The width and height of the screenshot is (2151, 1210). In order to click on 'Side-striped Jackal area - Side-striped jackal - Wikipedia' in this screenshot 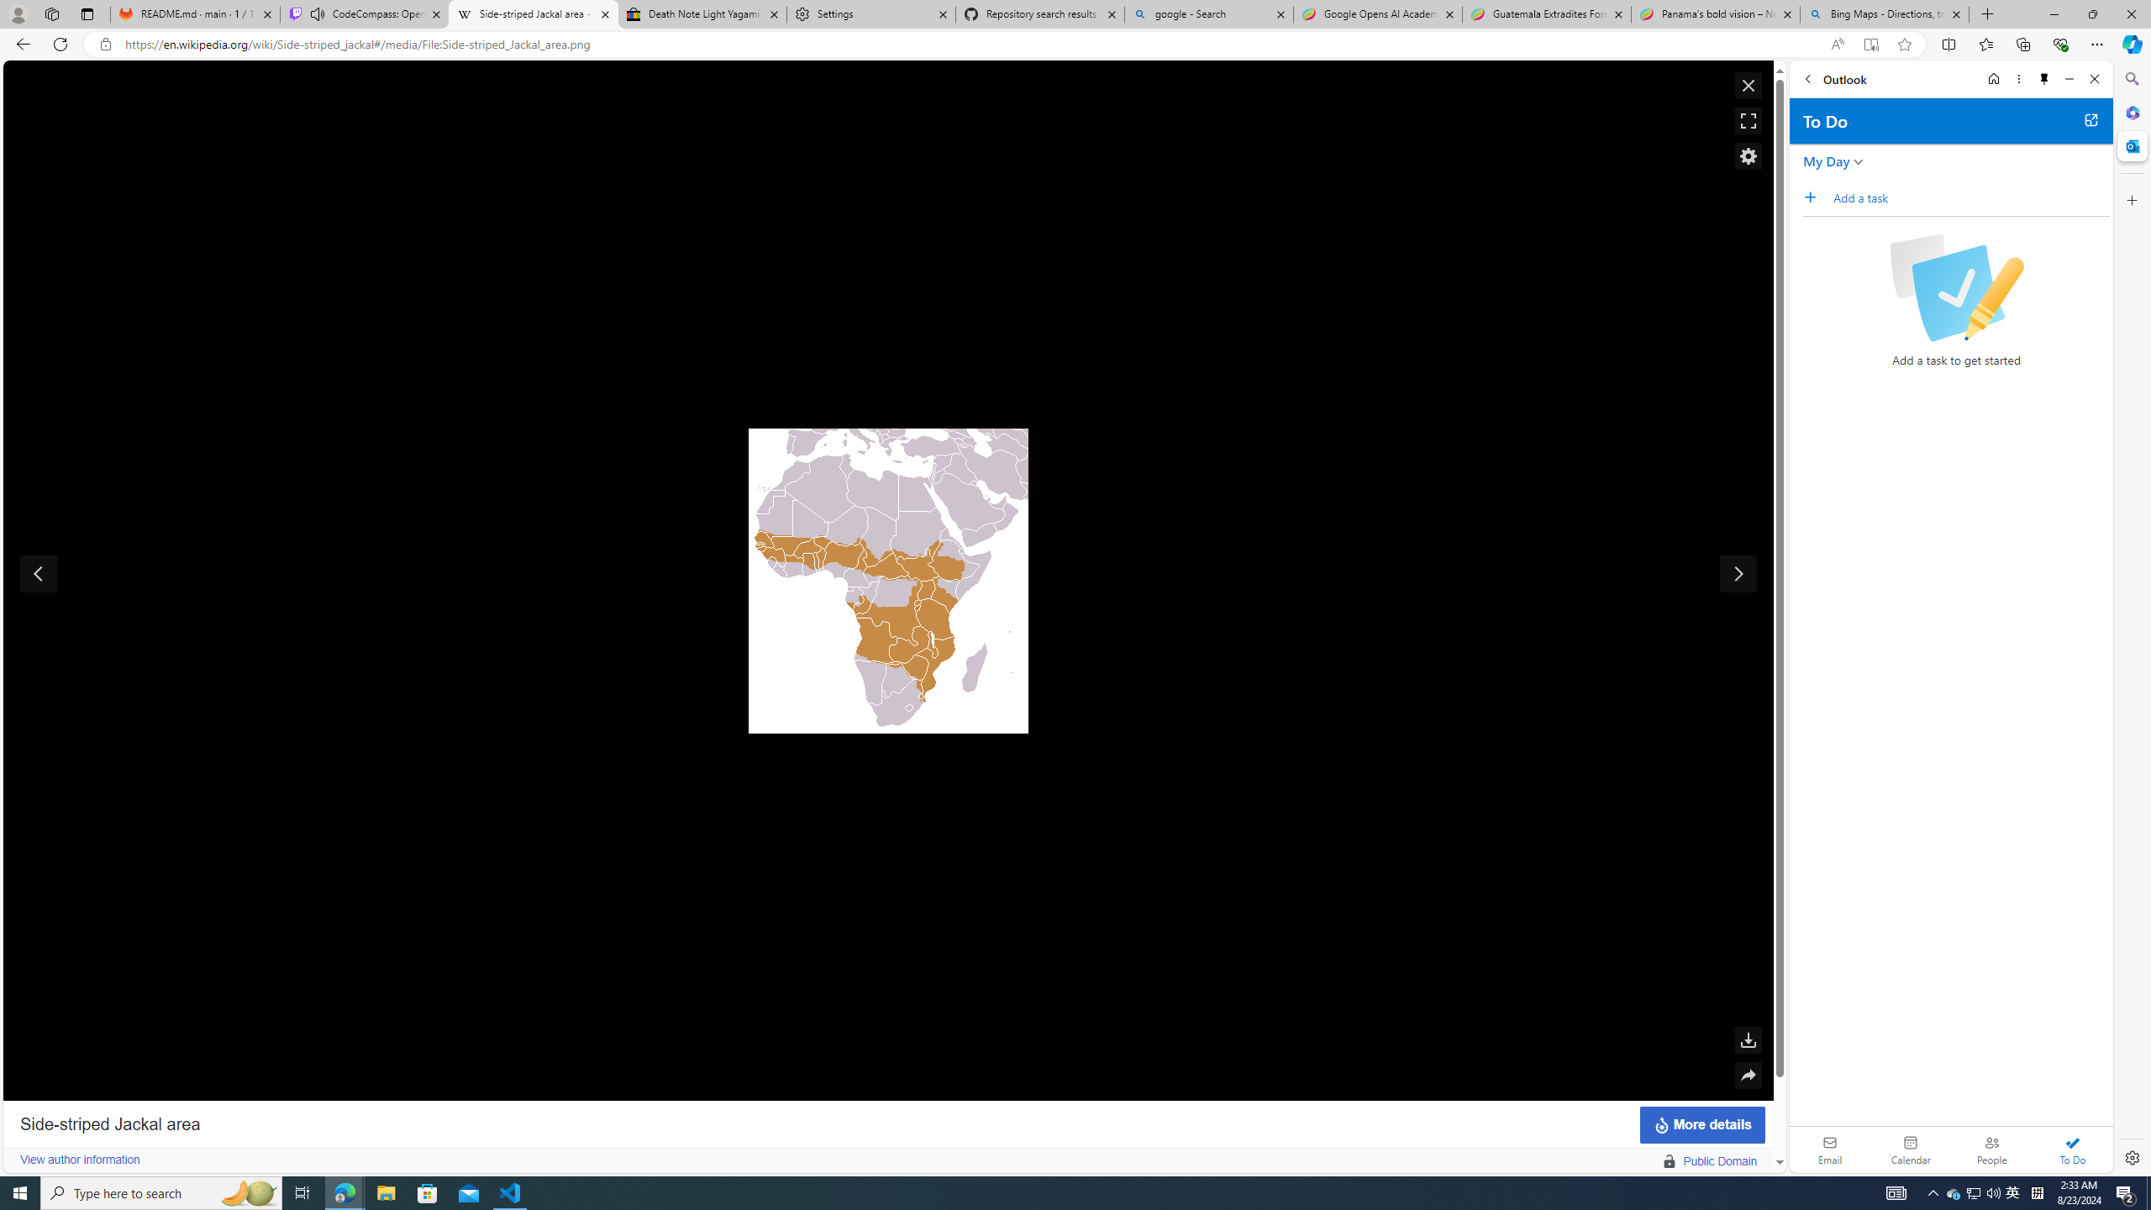, I will do `click(532, 13)`.